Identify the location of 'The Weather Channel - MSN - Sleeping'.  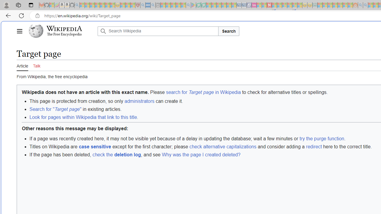
(92, 5).